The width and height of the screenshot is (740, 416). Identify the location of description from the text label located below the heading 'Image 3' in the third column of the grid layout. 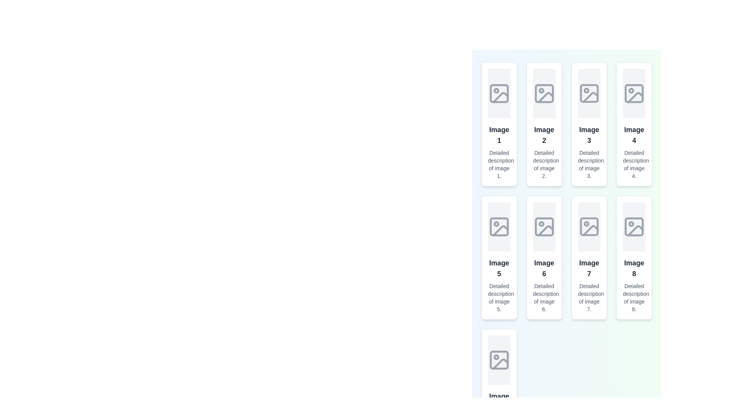
(589, 164).